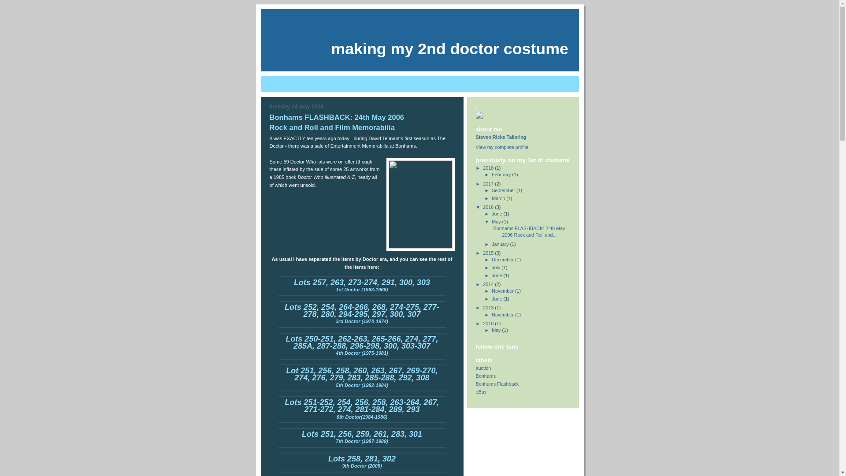  Describe the element at coordinates (497, 383) in the screenshot. I see `'Bonhams Flashback'` at that location.